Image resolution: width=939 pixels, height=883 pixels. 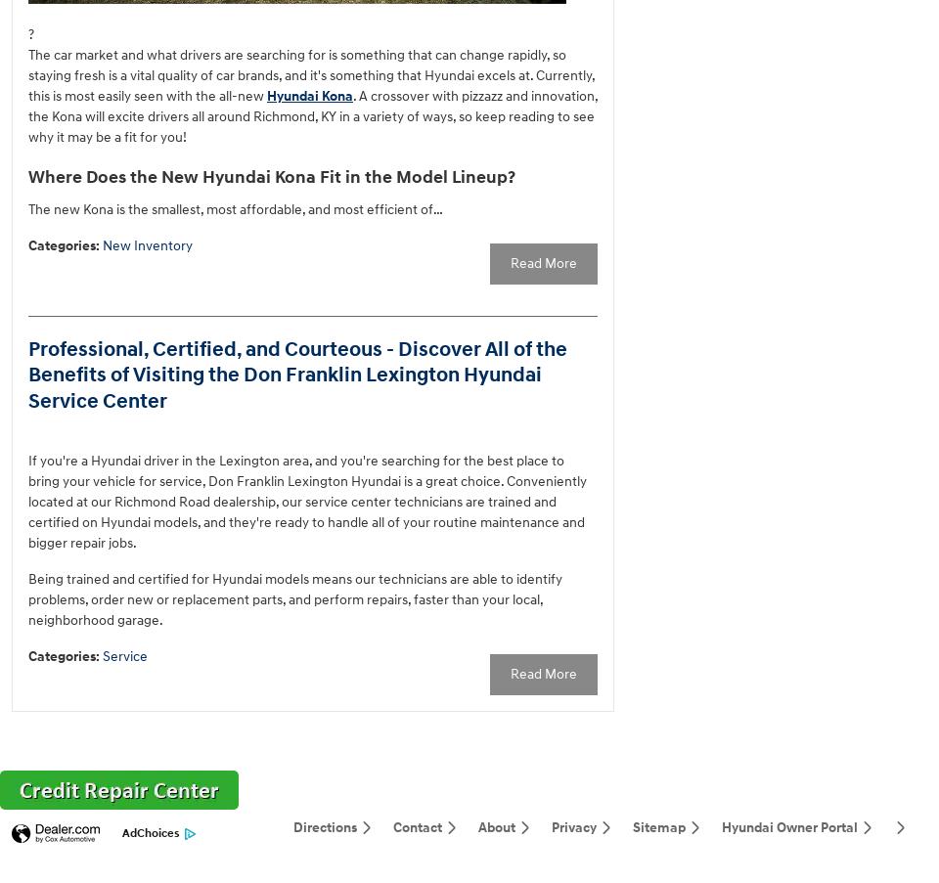 I want to click on 'If you're a Hyundai driver in the Lexington area, and you're searching for the best place to bring your vehicle for service, Don Franklin Lexington Hyundai is a great choice. Conveniently located at our Richmond Road dealership, our service center technicians are trained and certified on Hyundai models, and they're ready to handle all of your routine maintenance and bigger repair jobs.', so click(x=307, y=501).